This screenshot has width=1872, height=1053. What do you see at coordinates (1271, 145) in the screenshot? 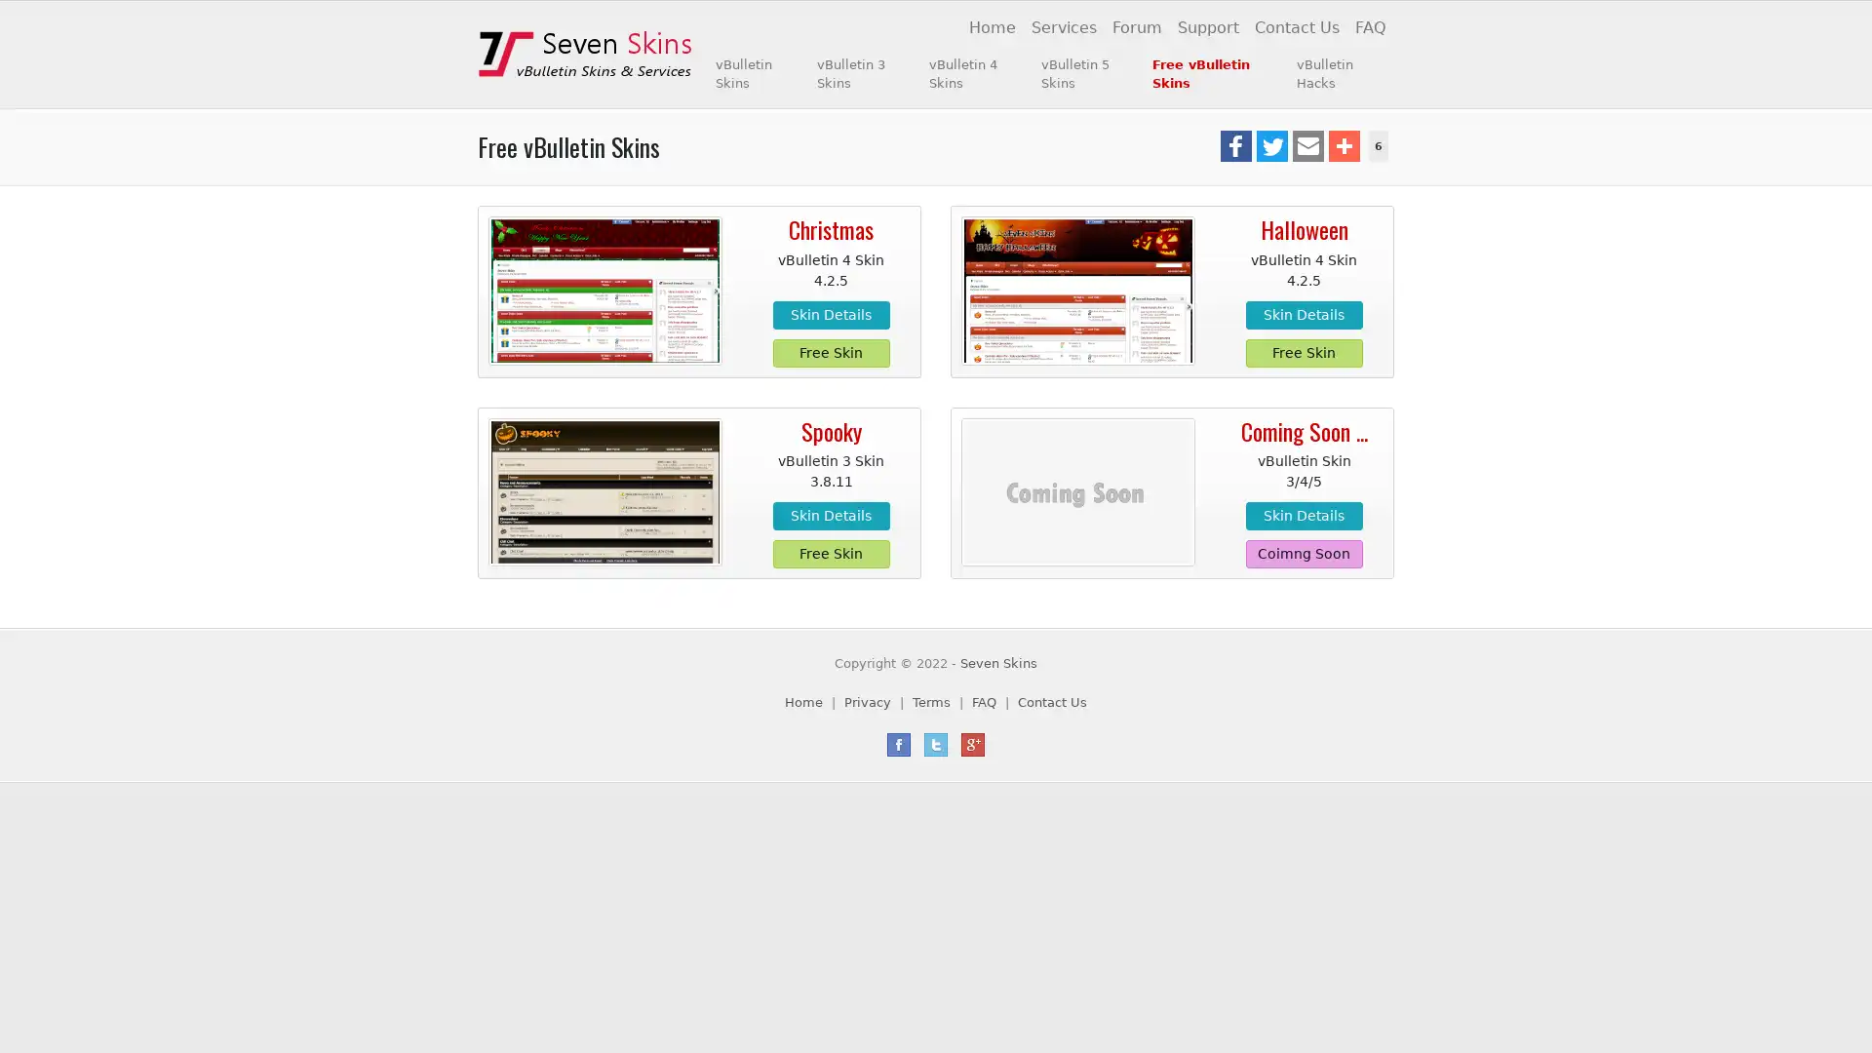
I see `Share to Twitter` at bounding box center [1271, 145].